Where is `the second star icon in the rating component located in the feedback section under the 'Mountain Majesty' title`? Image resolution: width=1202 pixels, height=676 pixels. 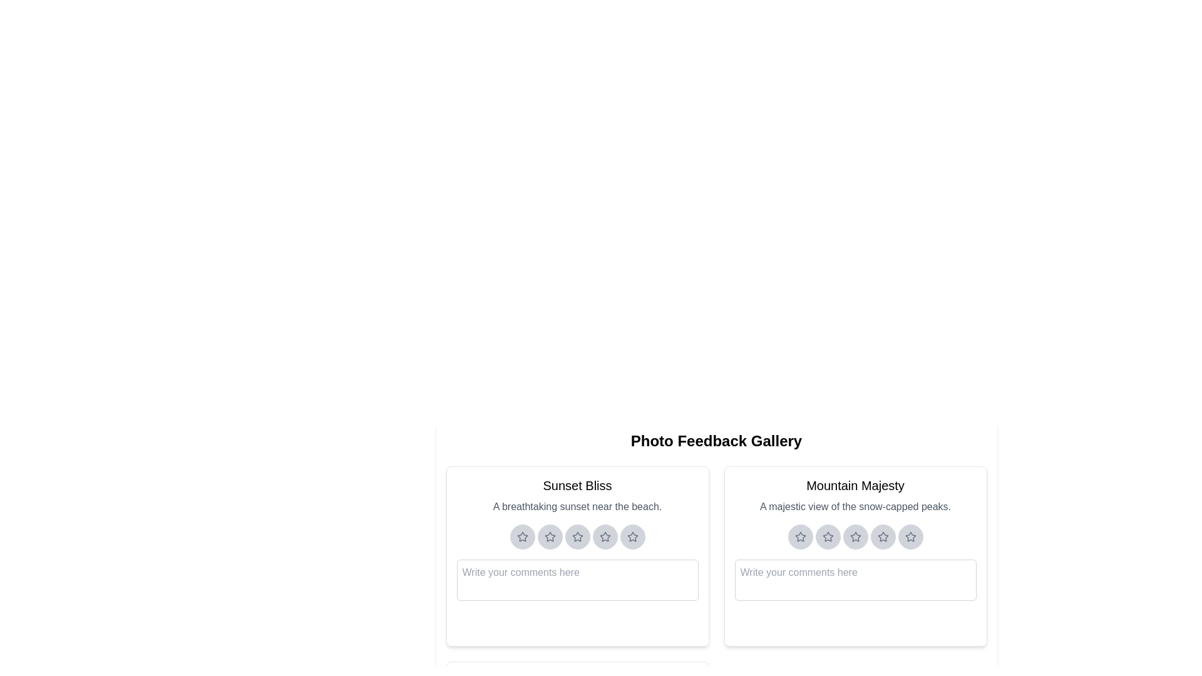 the second star icon in the rating component located in the feedback section under the 'Mountain Majesty' title is located at coordinates (828, 536).